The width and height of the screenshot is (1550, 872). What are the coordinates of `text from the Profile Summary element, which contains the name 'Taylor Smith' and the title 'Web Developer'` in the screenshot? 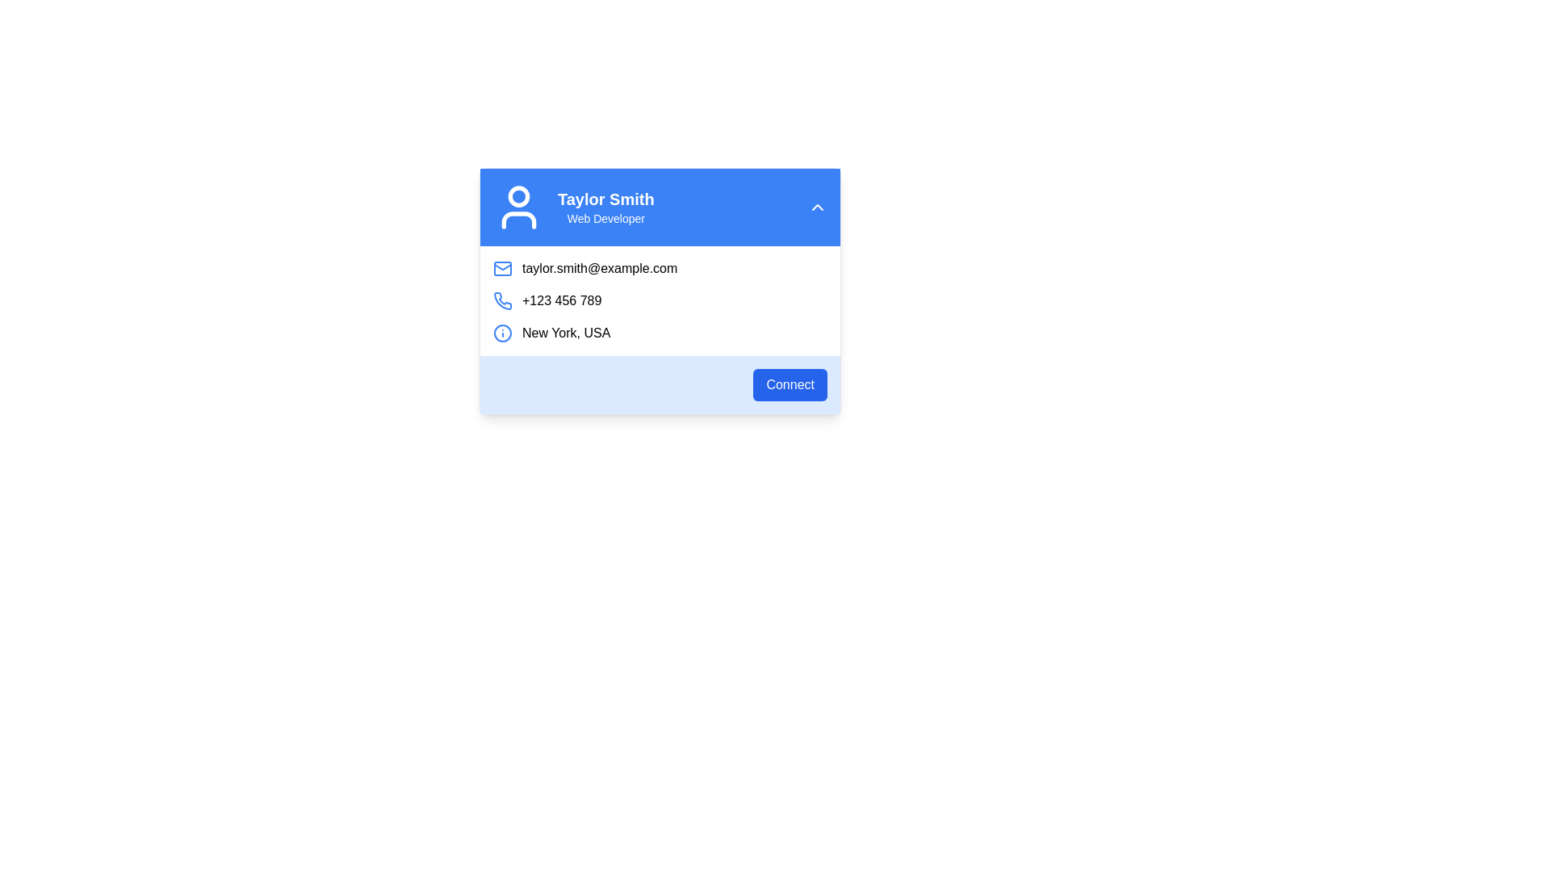 It's located at (573, 207).